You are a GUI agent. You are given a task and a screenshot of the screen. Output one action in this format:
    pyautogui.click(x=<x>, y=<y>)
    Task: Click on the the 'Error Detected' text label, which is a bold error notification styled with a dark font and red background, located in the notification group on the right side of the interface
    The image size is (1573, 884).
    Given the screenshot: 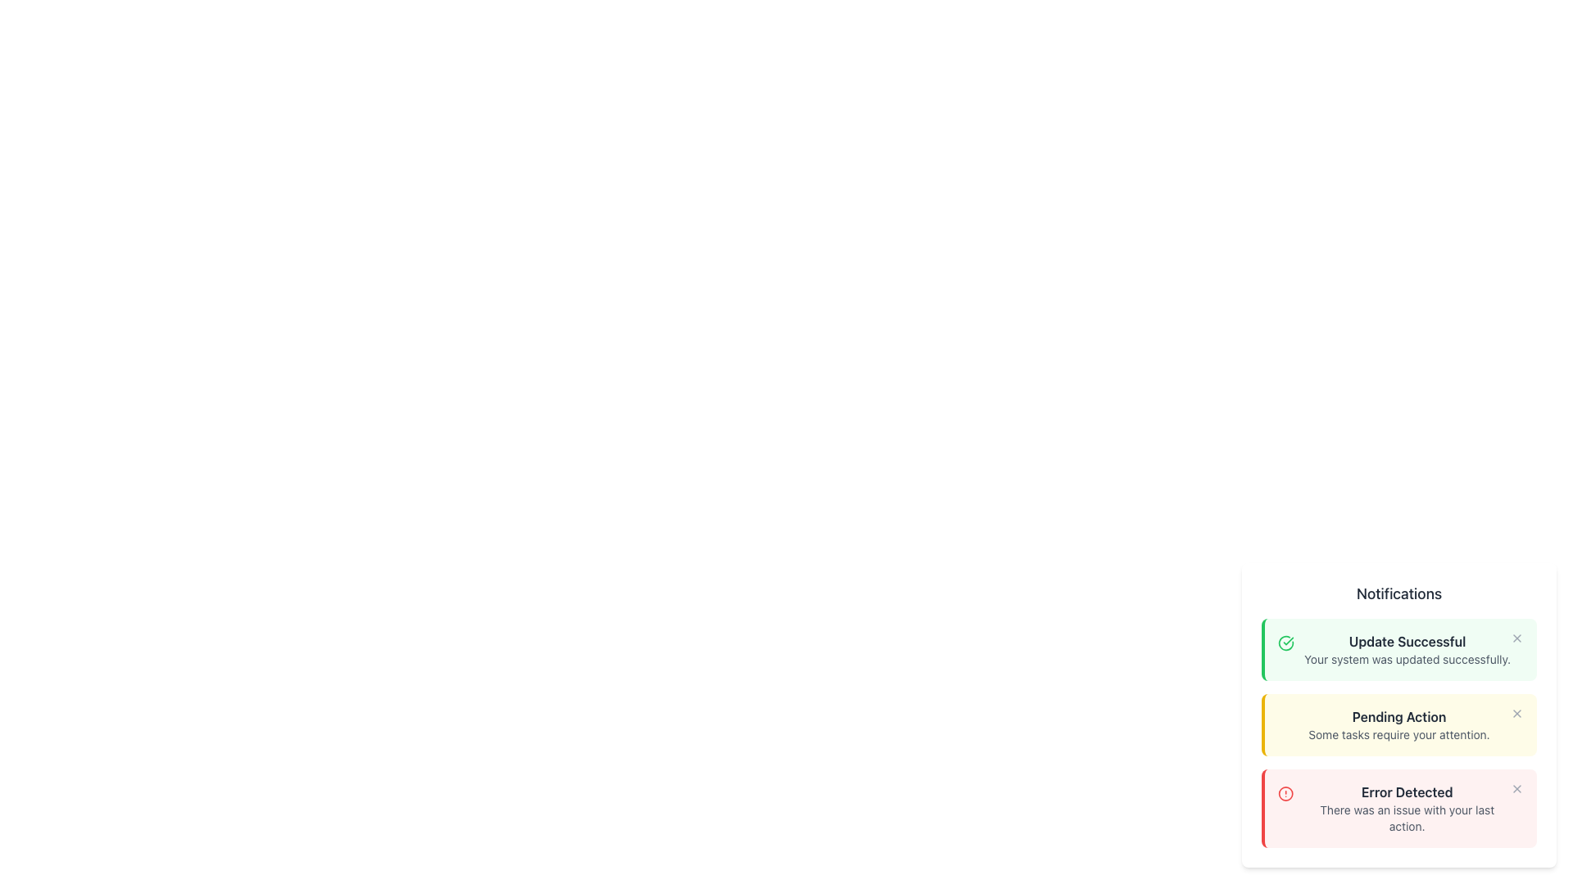 What is the action you would take?
    pyautogui.click(x=1406, y=792)
    